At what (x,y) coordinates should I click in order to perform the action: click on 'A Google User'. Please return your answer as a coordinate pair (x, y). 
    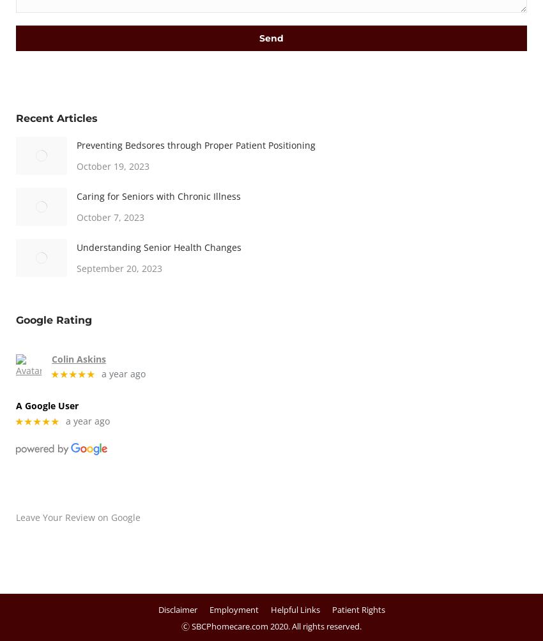
    Looking at the image, I should click on (47, 405).